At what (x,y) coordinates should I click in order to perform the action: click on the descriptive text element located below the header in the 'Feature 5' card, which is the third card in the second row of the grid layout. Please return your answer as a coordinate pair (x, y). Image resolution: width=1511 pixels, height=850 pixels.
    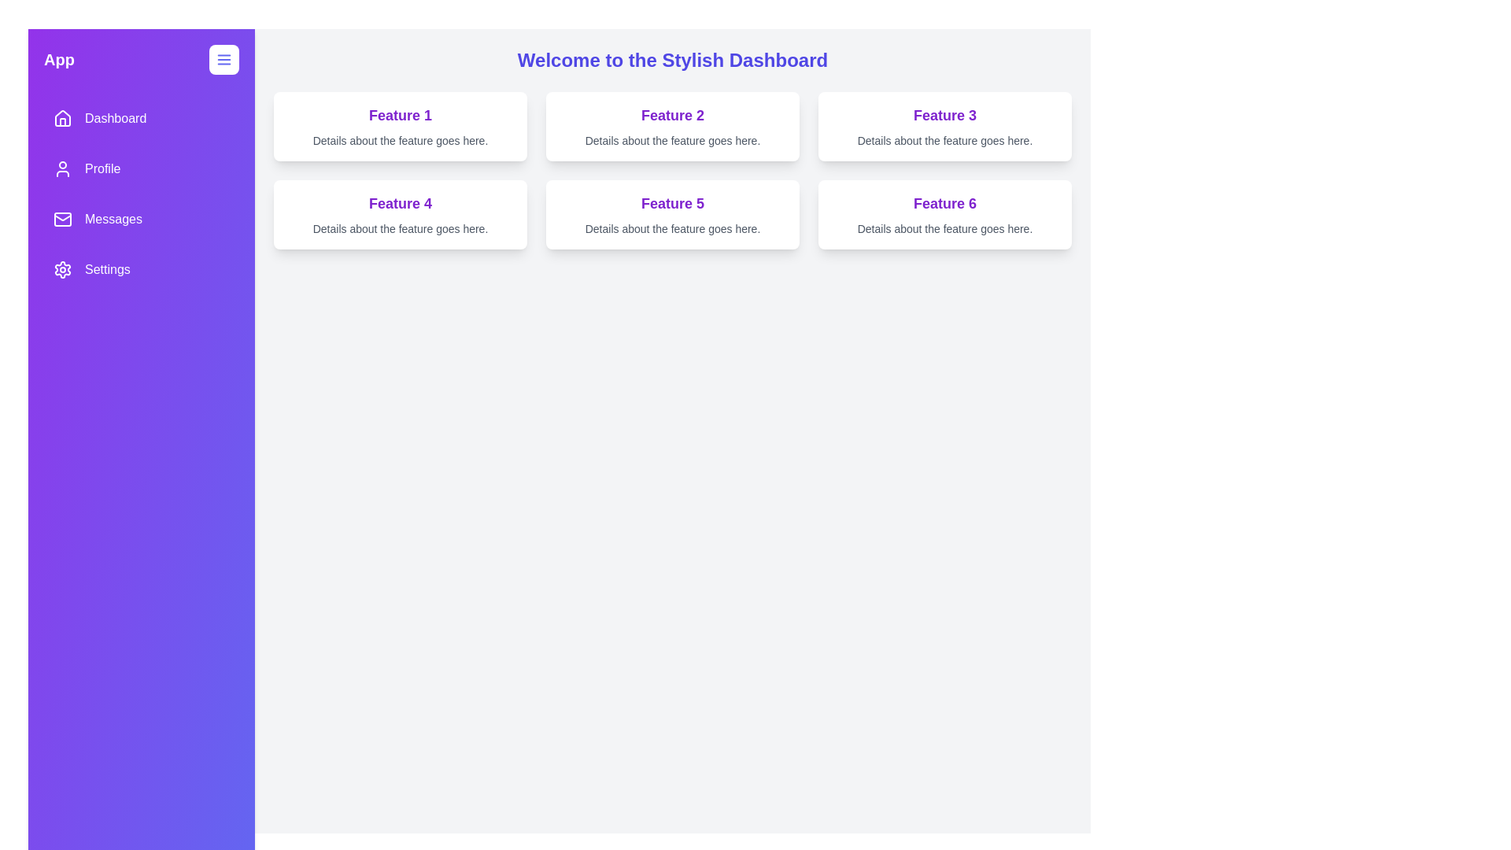
    Looking at the image, I should click on (672, 228).